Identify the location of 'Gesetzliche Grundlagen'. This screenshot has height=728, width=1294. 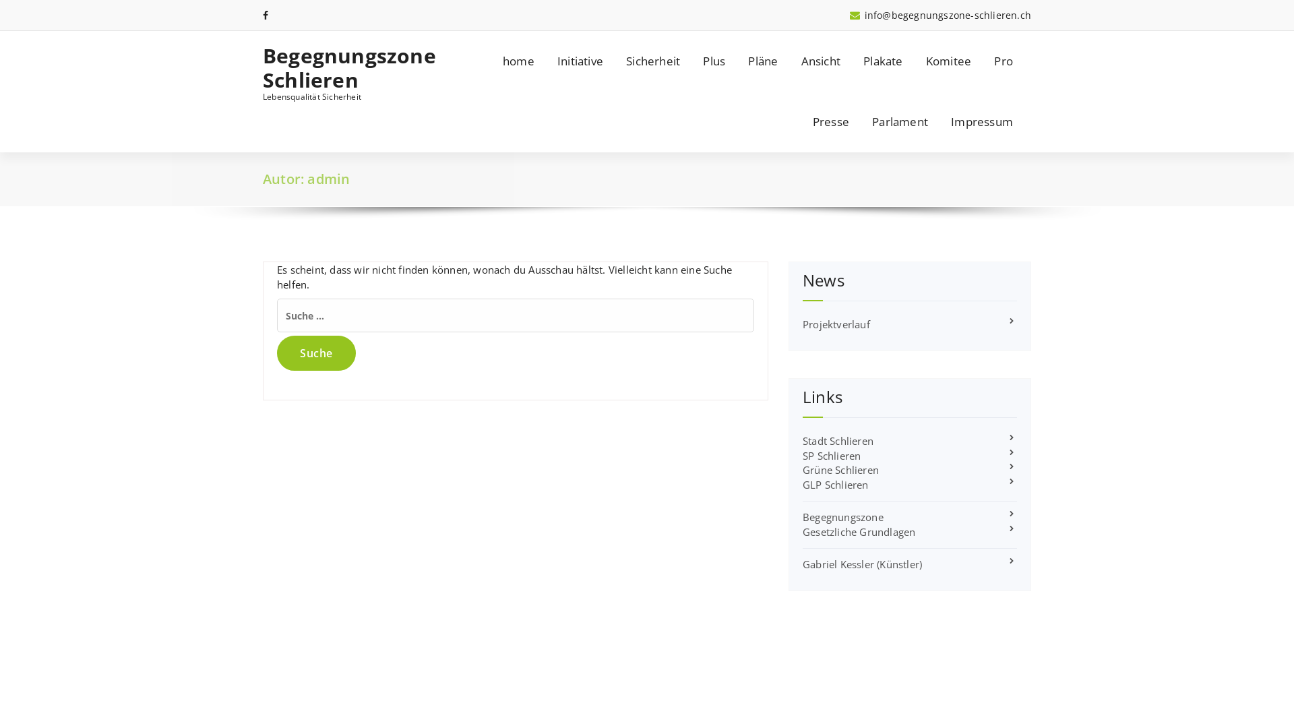
(858, 531).